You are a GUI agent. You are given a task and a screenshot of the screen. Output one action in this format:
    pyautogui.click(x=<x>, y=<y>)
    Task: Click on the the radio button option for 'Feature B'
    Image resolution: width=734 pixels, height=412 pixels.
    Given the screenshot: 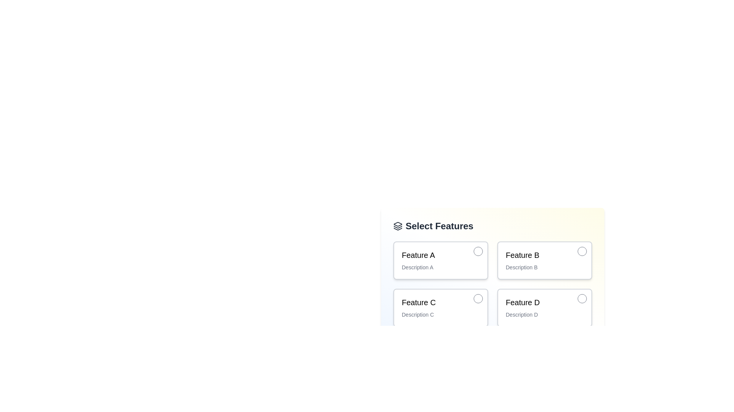 What is the action you would take?
    pyautogui.click(x=544, y=260)
    